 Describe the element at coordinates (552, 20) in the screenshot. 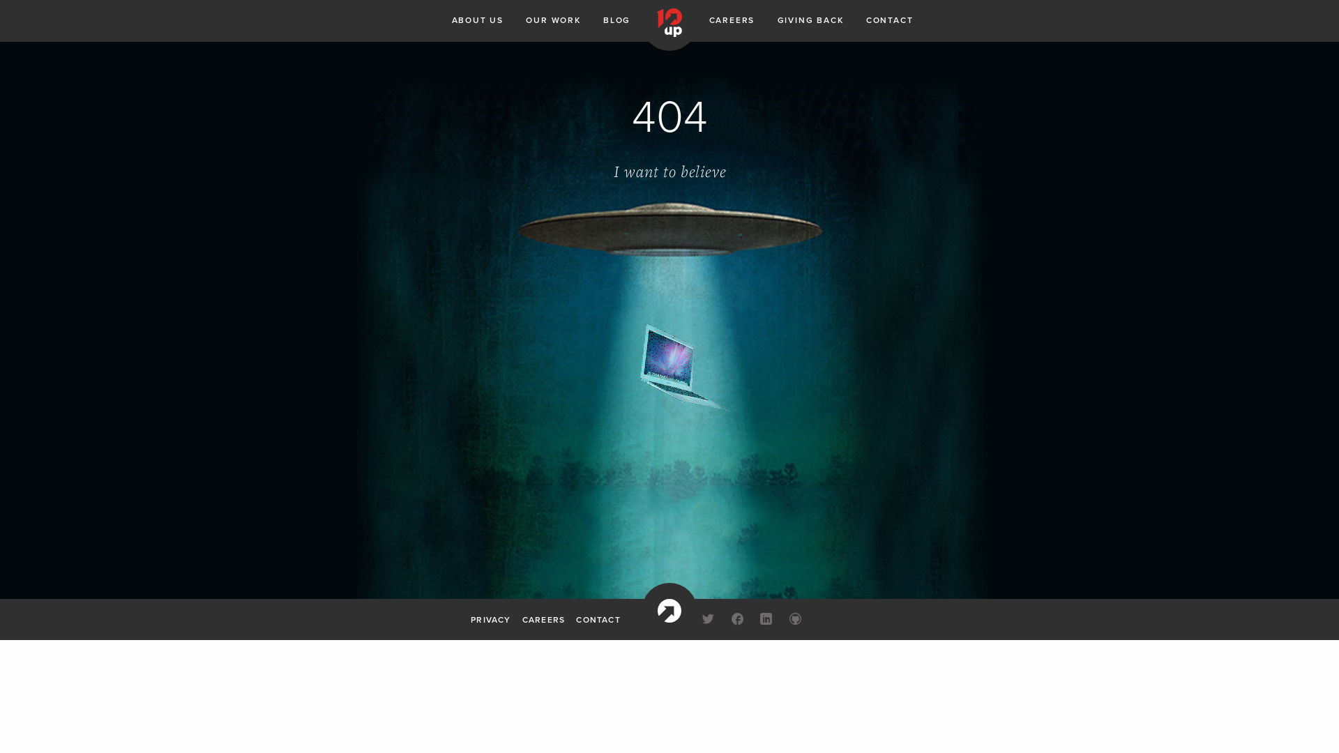

I see `'OUR WORK'` at that location.